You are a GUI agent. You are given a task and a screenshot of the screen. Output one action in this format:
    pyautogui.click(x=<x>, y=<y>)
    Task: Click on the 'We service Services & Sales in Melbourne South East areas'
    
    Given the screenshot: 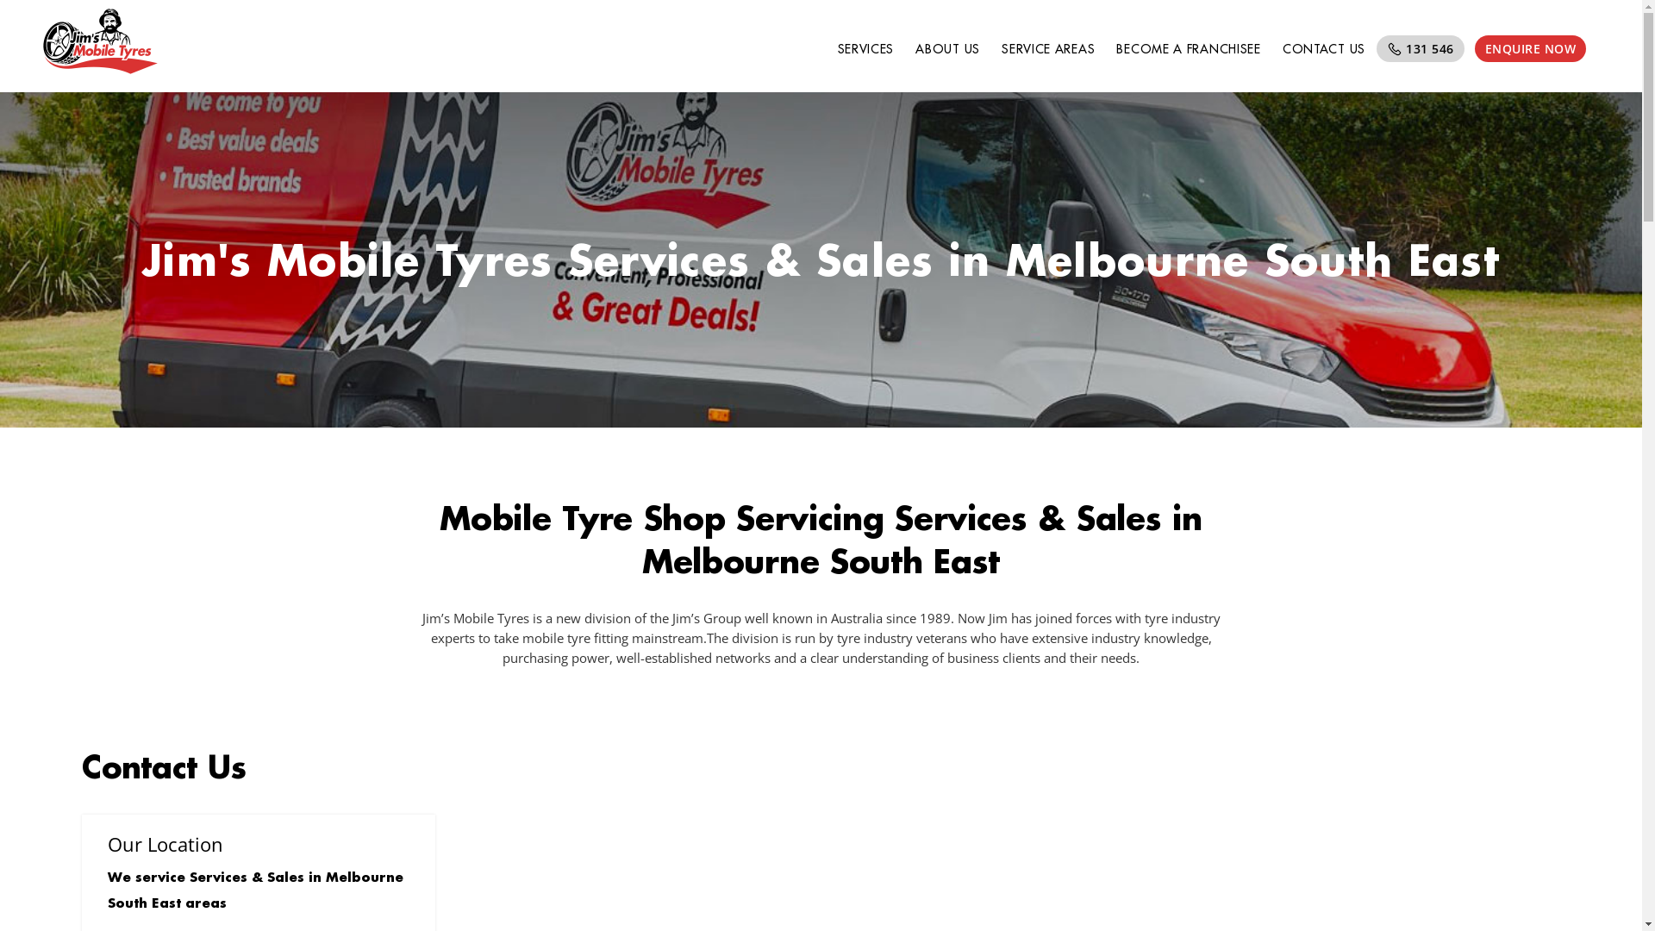 What is the action you would take?
    pyautogui.click(x=254, y=890)
    